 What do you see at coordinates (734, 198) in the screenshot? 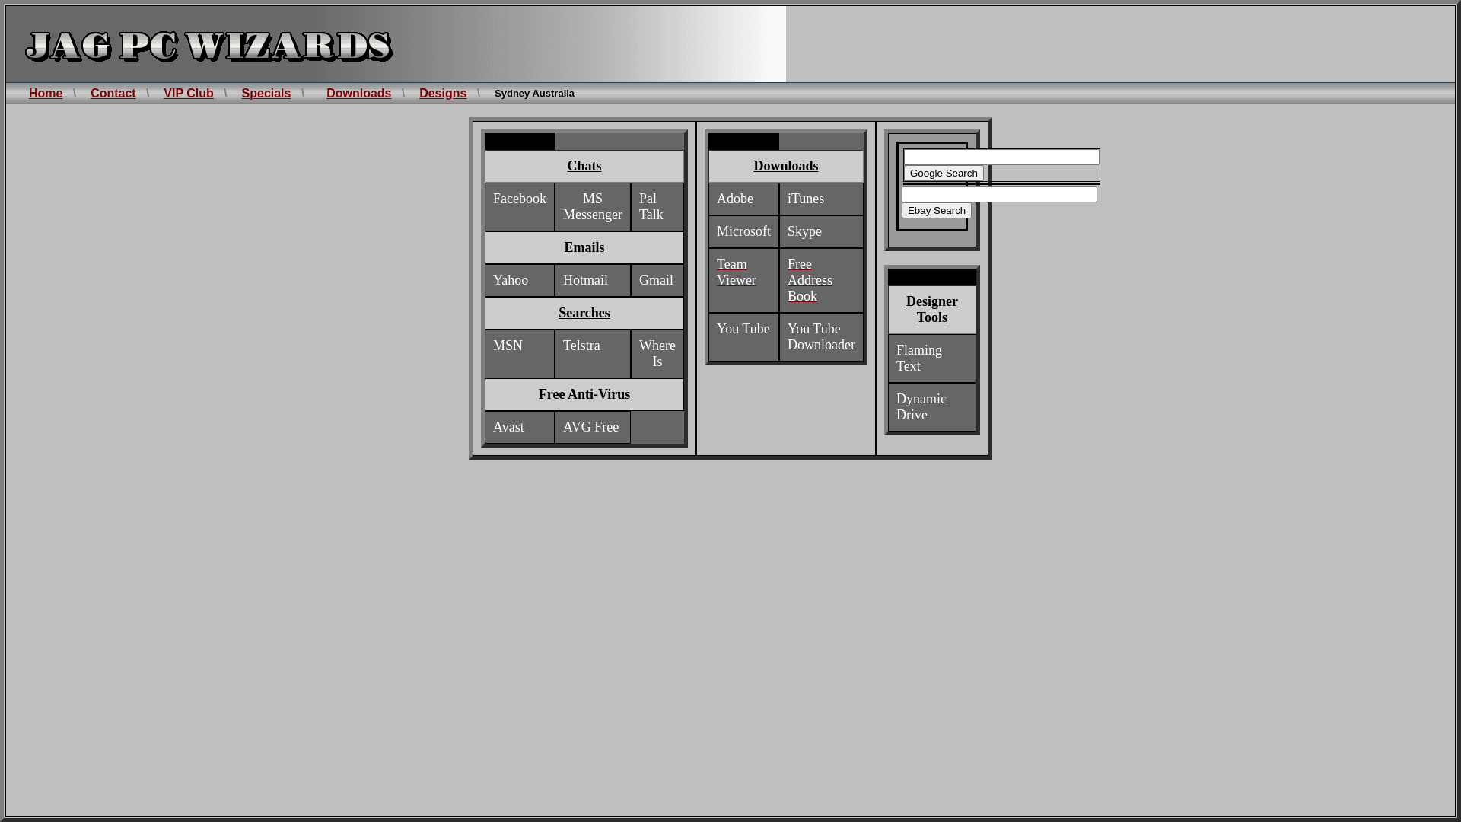
I see `'Adobe'` at bounding box center [734, 198].